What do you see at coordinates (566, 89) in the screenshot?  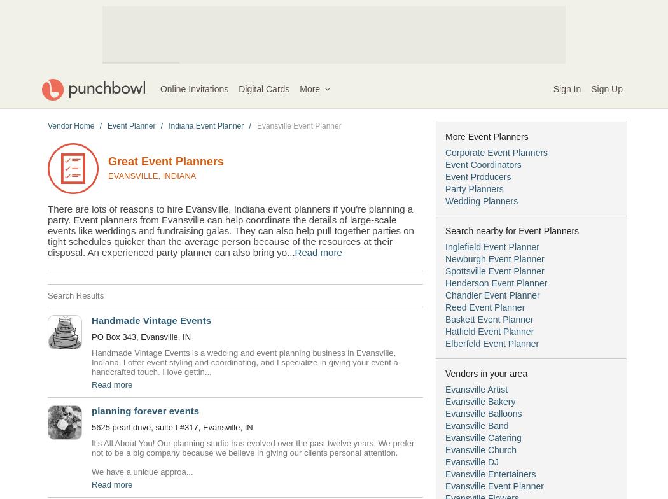 I see `'Sign In'` at bounding box center [566, 89].